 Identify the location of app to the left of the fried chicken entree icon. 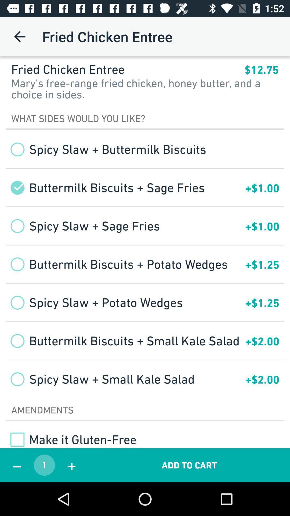
(19, 36).